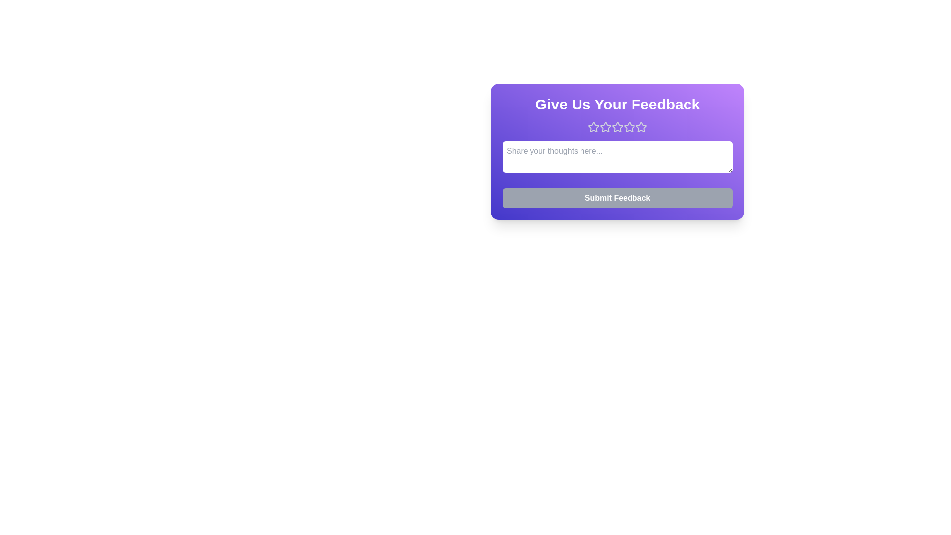 This screenshot has width=951, height=535. Describe the element at coordinates (641, 127) in the screenshot. I see `the star corresponding to the rating 5 to set the feedback score` at that location.